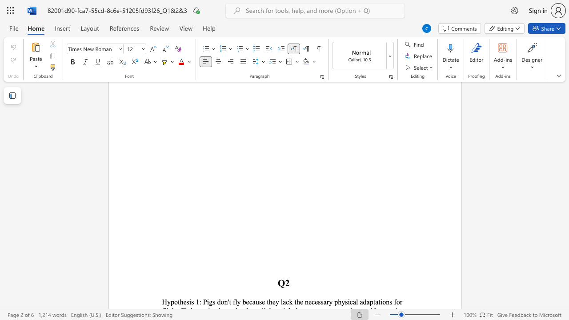  Describe the element at coordinates (171, 301) in the screenshot. I see `the space between the continuous character "y" and "p" in the text` at that location.